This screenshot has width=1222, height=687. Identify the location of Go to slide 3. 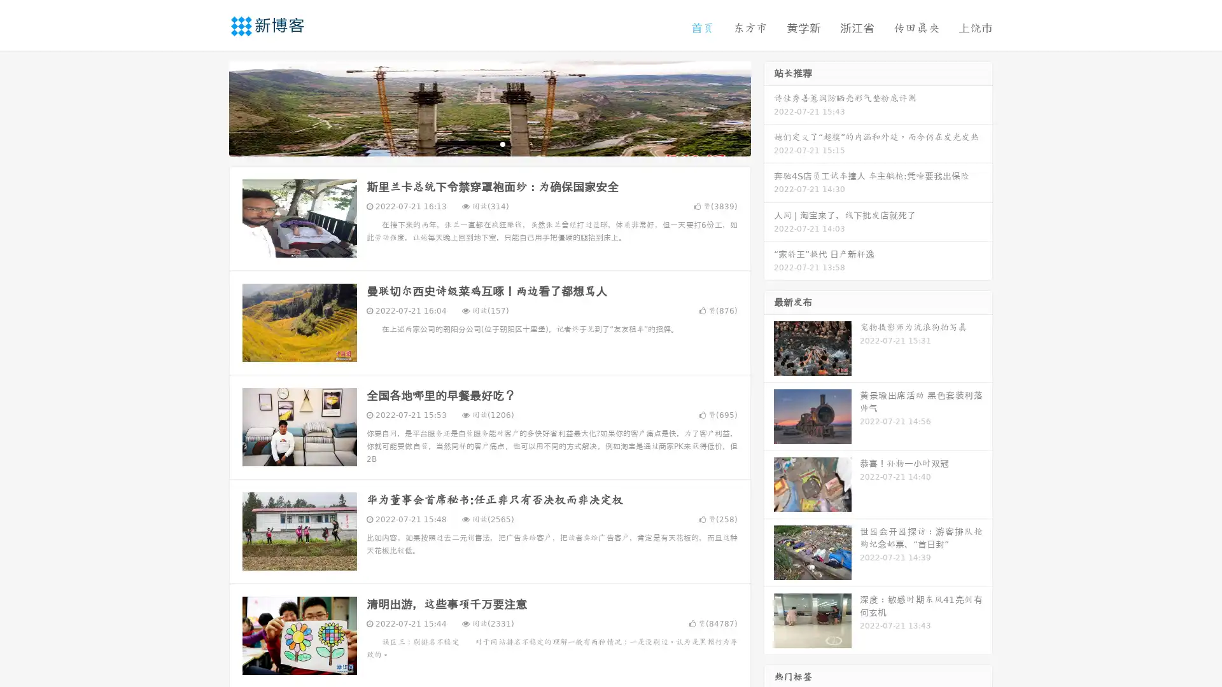
(502, 143).